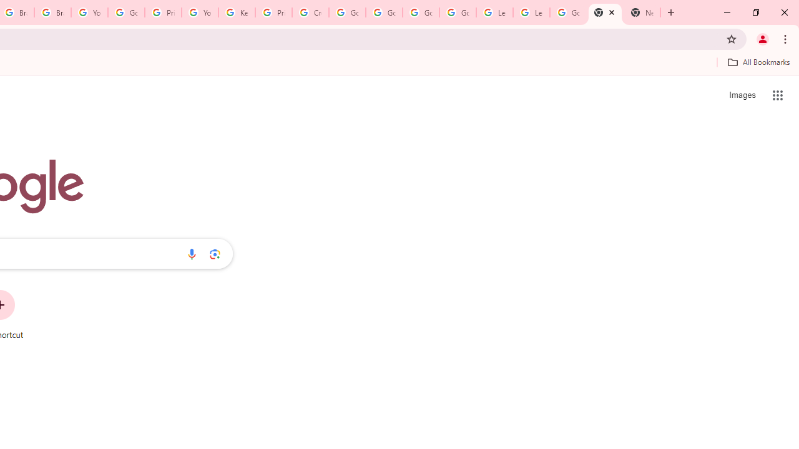  I want to click on 'Google Account Help', so click(126, 12).